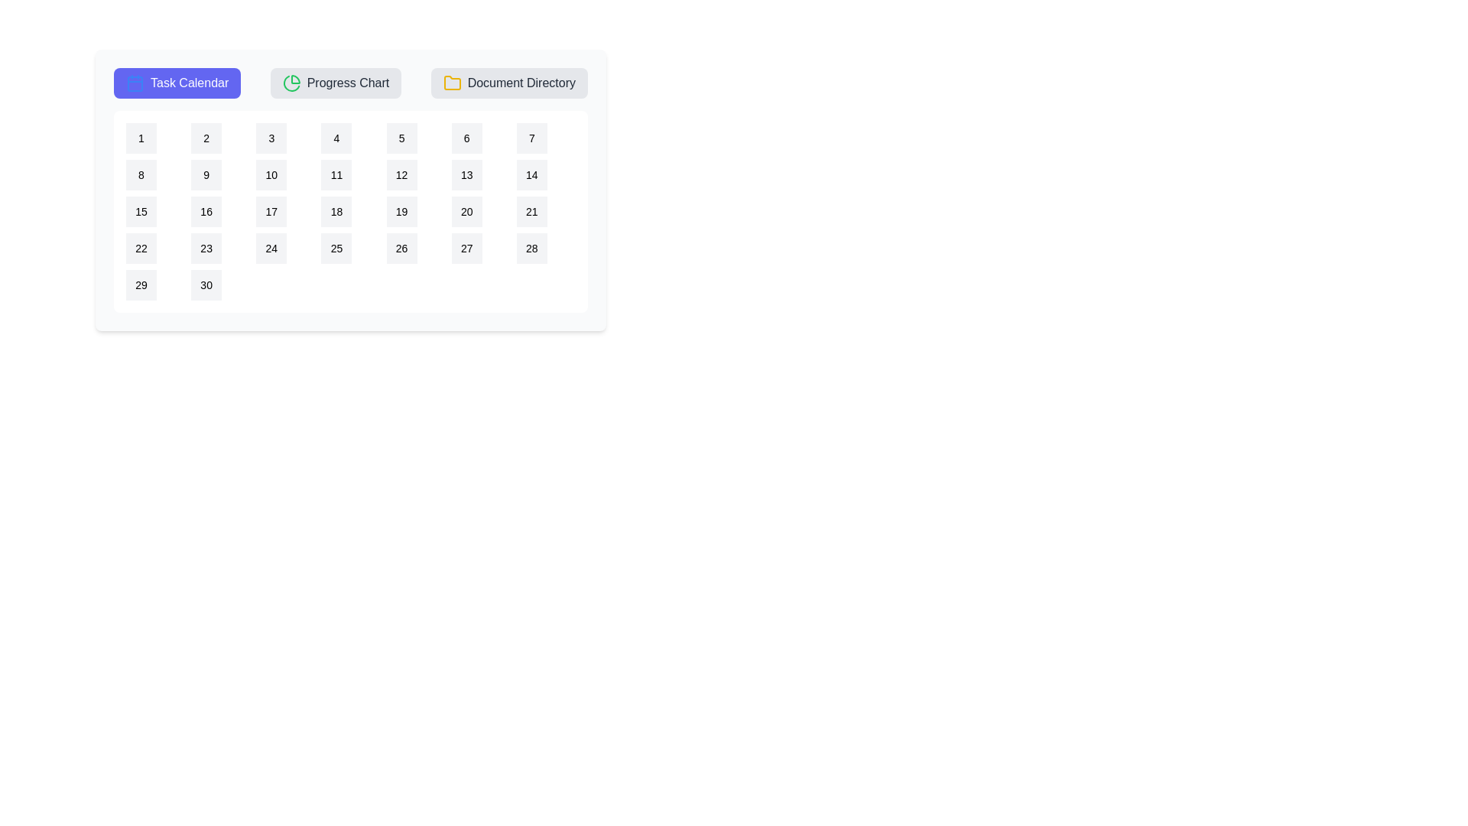  Describe the element at coordinates (531, 138) in the screenshot. I see `the calendar date 7` at that location.